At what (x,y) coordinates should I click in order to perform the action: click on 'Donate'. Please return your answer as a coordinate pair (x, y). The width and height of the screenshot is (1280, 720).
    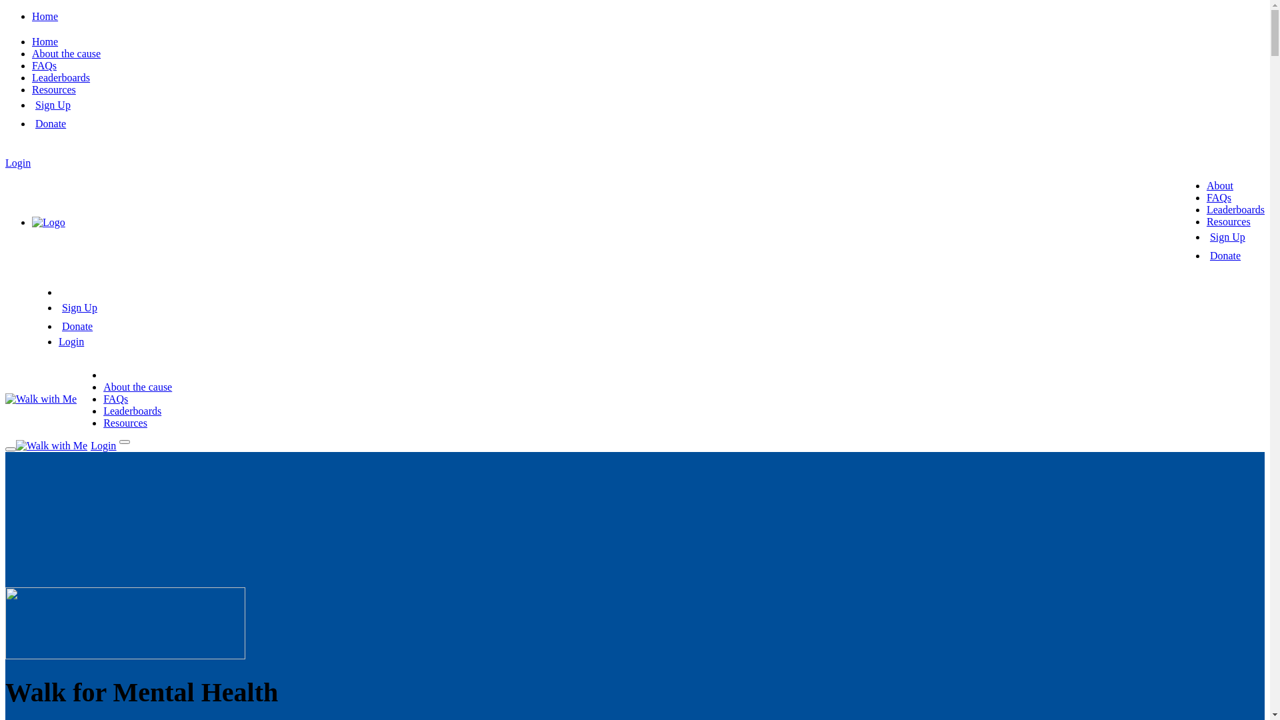
    Looking at the image, I should click on (1225, 255).